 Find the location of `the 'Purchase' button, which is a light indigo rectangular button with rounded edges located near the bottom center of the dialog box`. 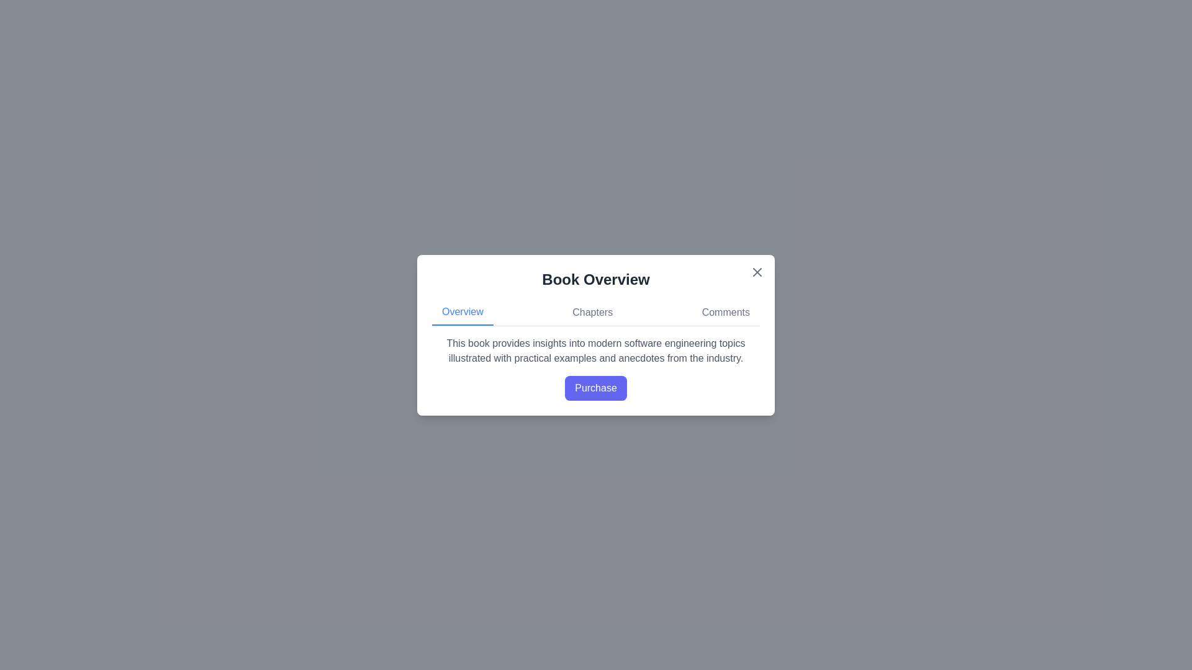

the 'Purchase' button, which is a light indigo rectangular button with rounded edges located near the bottom center of the dialog box is located at coordinates (596, 386).